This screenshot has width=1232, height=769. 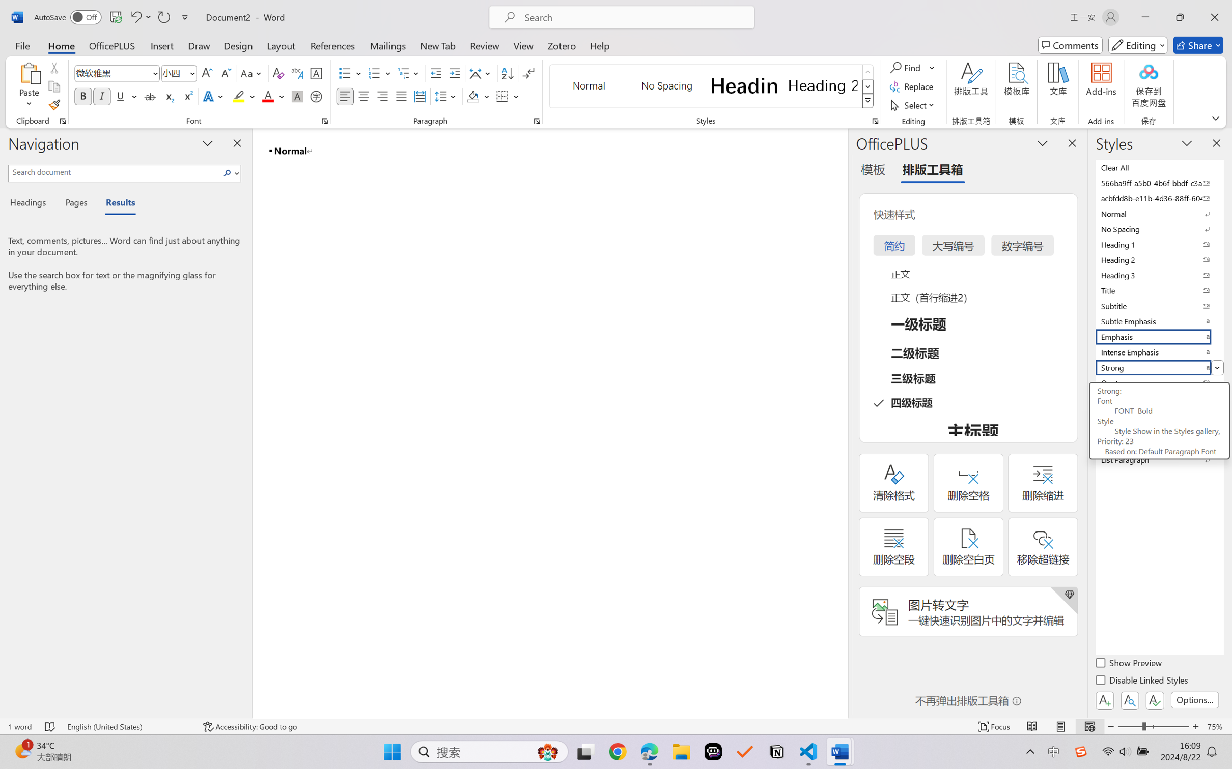 What do you see at coordinates (1158, 352) in the screenshot?
I see `'Intense Emphasis'` at bounding box center [1158, 352].